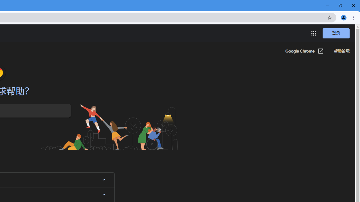 Image resolution: width=360 pixels, height=202 pixels. Describe the element at coordinates (353, 6) in the screenshot. I see `'Close'` at that location.